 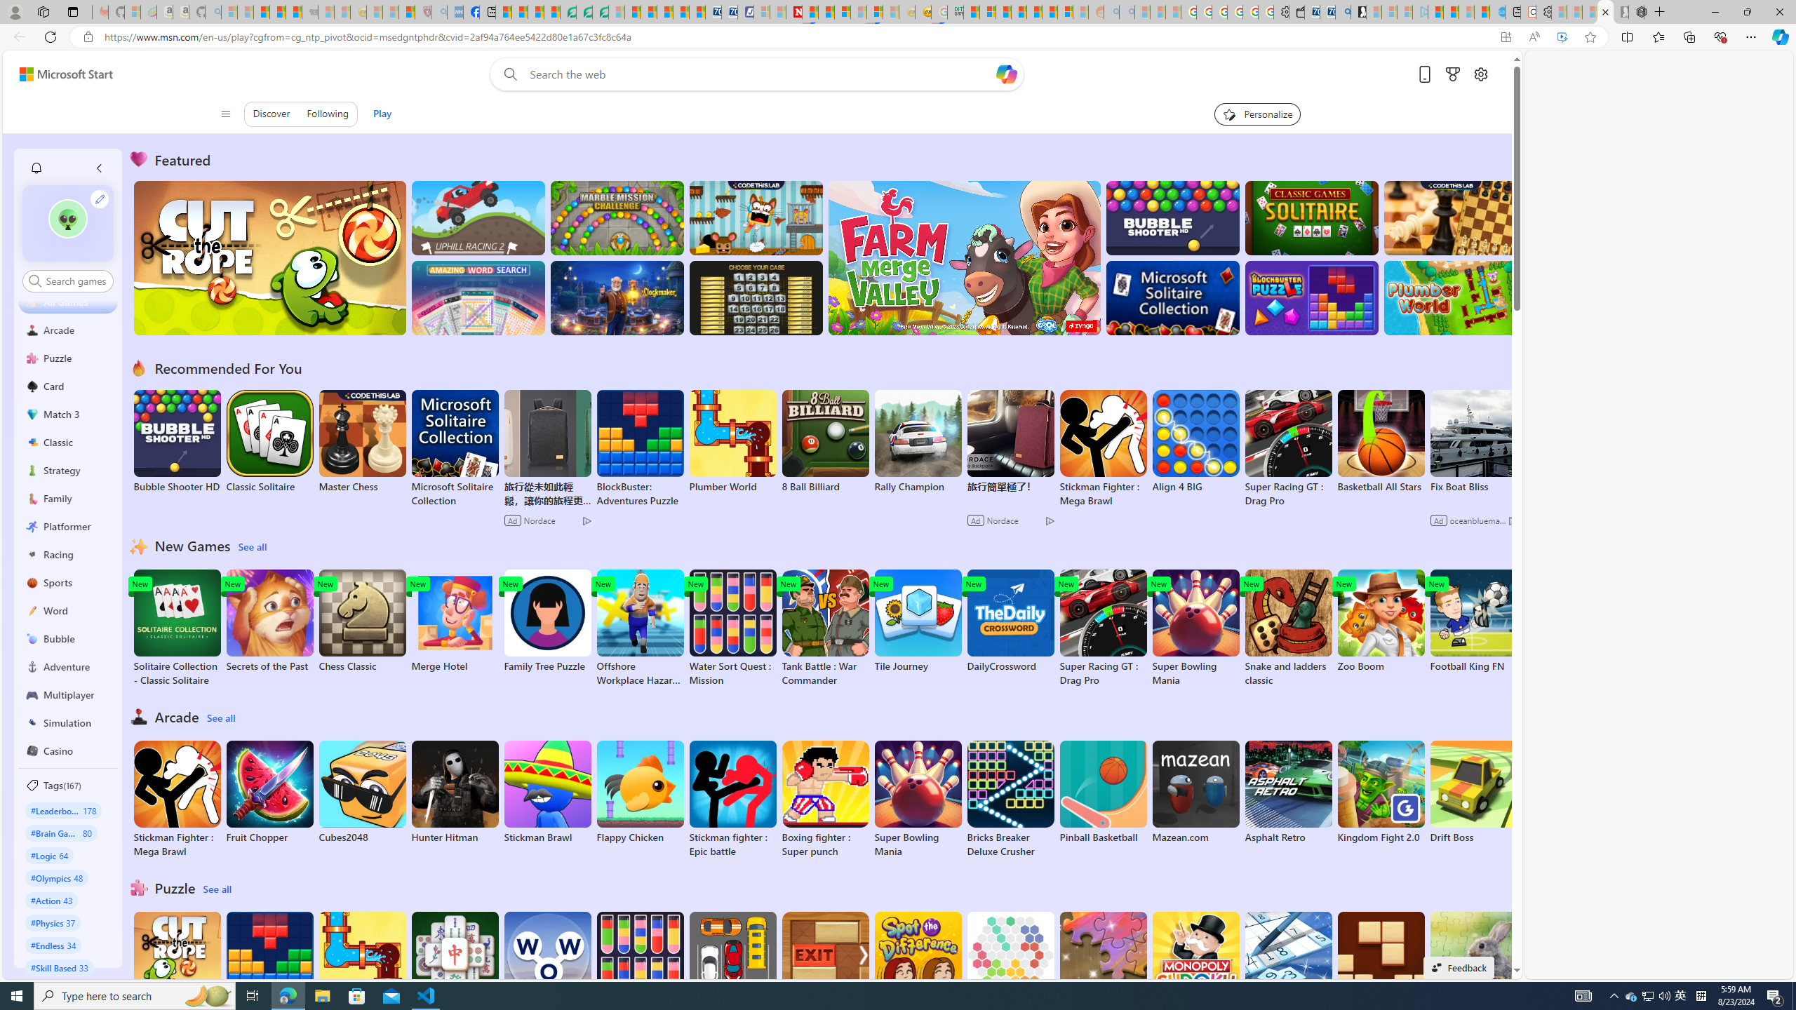 What do you see at coordinates (177, 798) in the screenshot?
I see `'Stickman Fighter : Mega Brawl'` at bounding box center [177, 798].